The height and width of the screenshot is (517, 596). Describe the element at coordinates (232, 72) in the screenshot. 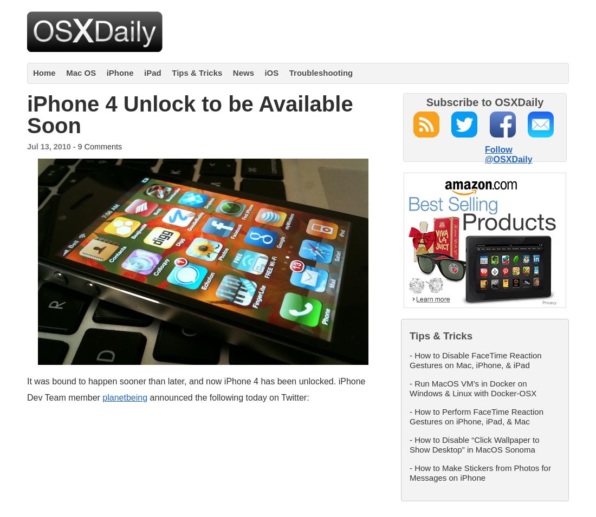

I see `'News'` at that location.